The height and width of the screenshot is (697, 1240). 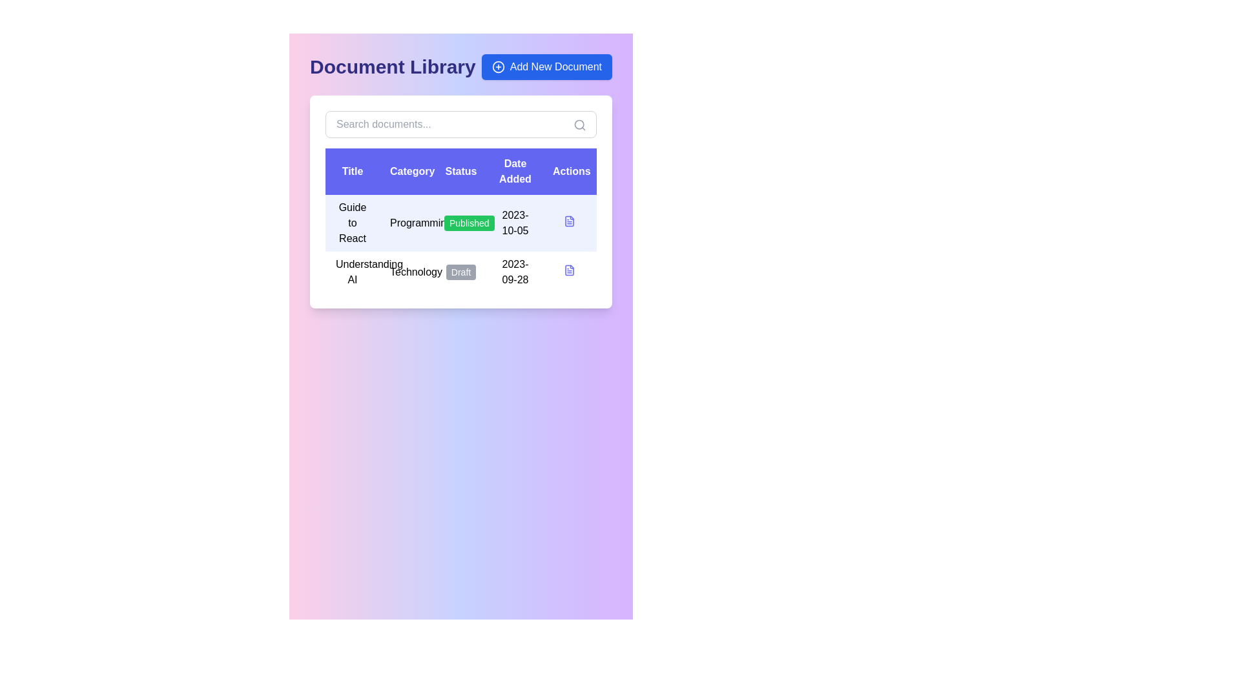 What do you see at coordinates (461, 223) in the screenshot?
I see `the 'Published' label in the 'Status' column of the first row in the 'Document Library' interface, which indicates that the document titled 'Guide to React' has been published` at bounding box center [461, 223].